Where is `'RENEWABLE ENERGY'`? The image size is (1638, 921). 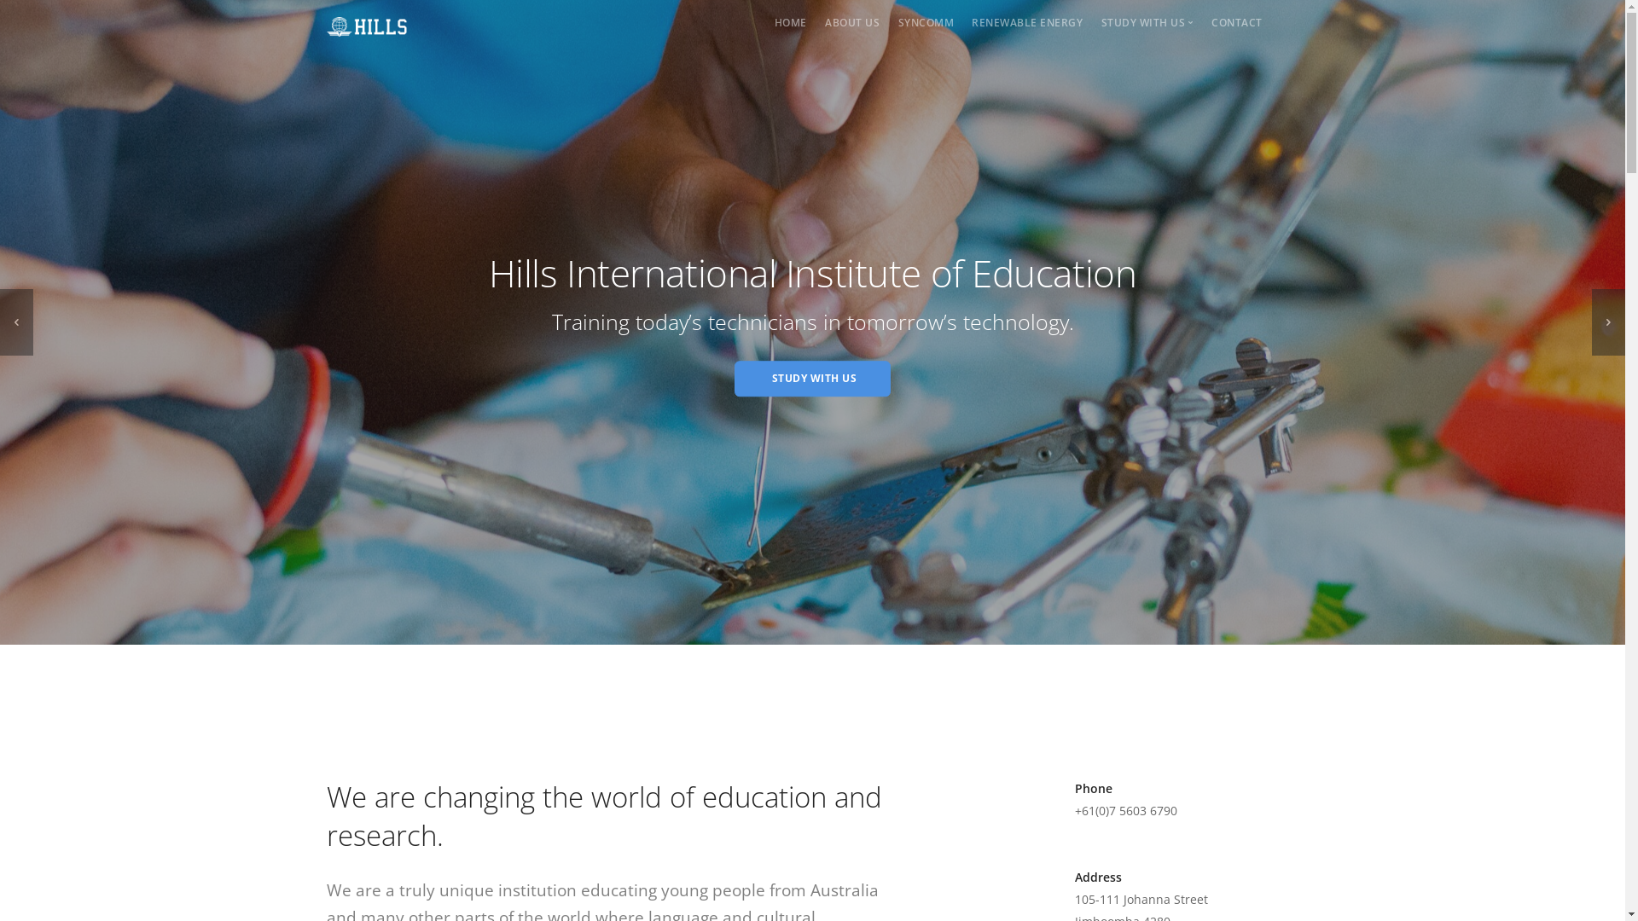 'RENEWABLE ENERGY' is located at coordinates (971, 22).